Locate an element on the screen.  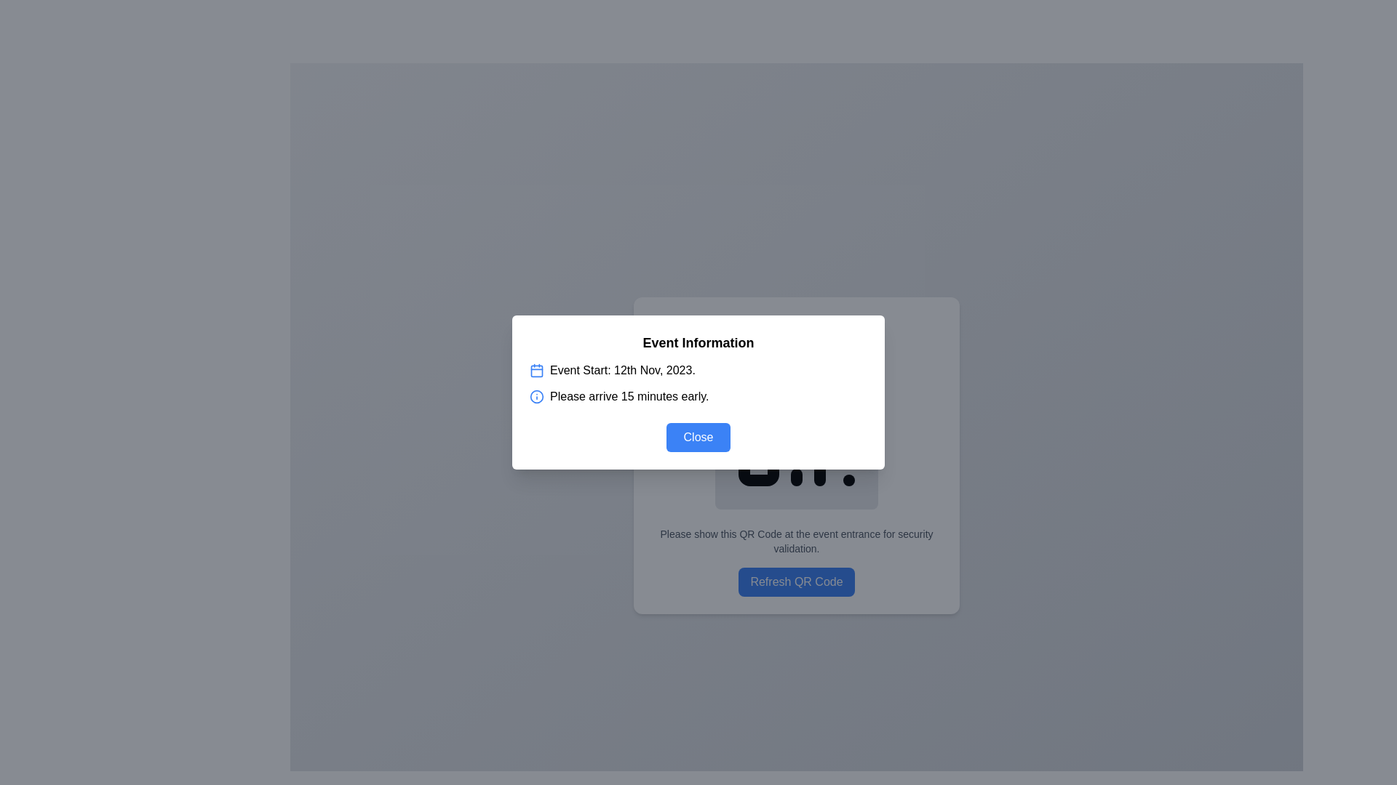
the informational text label within the 'Ticket Verification' modal that guides users on how to utilize the QR code for event entry, positioned above the 'Refresh QR Code' button is located at coordinates (795, 541).